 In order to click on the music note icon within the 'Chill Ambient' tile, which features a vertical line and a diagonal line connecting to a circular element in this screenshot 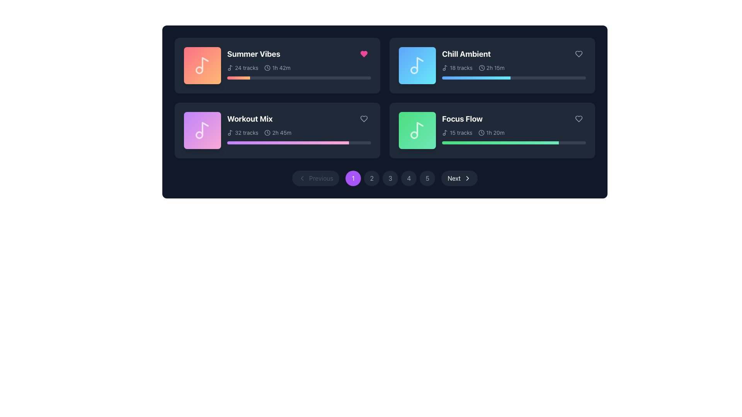, I will do `click(419, 63)`.